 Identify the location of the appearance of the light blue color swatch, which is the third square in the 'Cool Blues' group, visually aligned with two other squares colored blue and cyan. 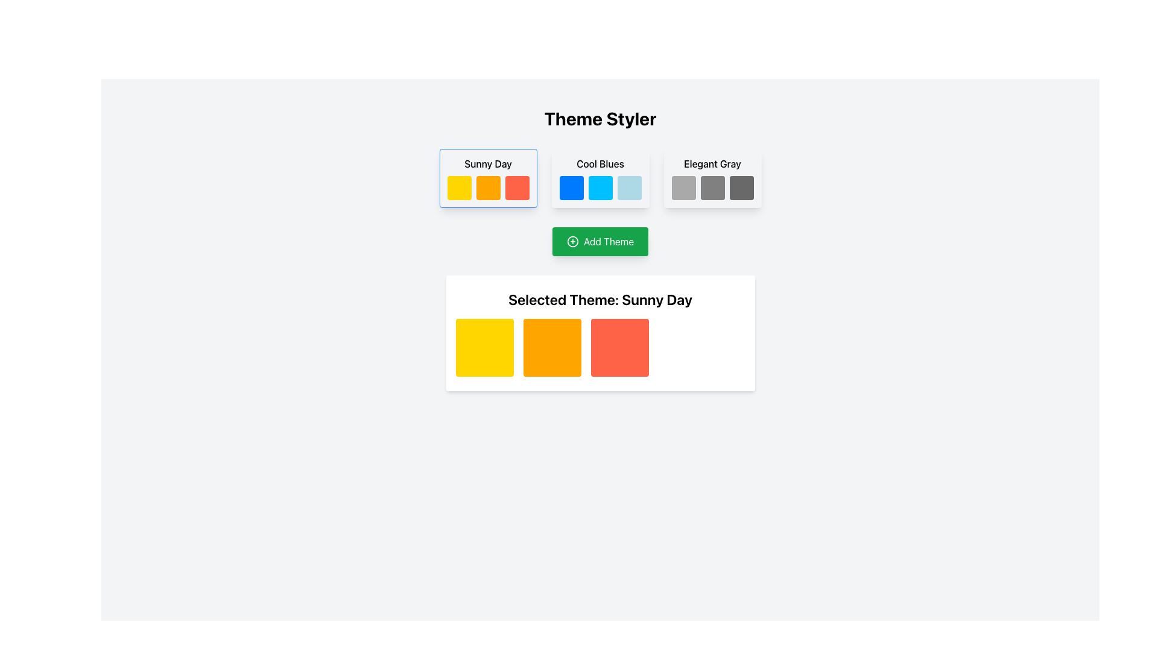
(628, 188).